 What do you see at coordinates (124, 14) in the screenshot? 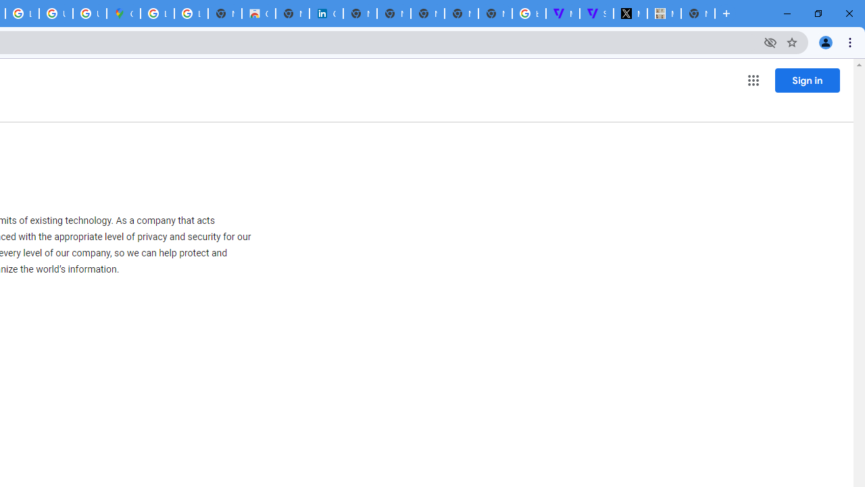
I see `'Google Maps'` at bounding box center [124, 14].